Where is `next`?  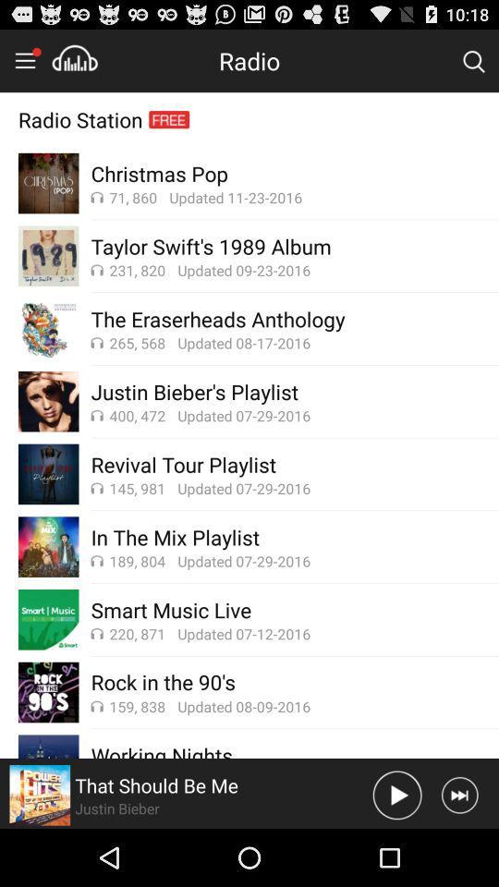
next is located at coordinates (458, 794).